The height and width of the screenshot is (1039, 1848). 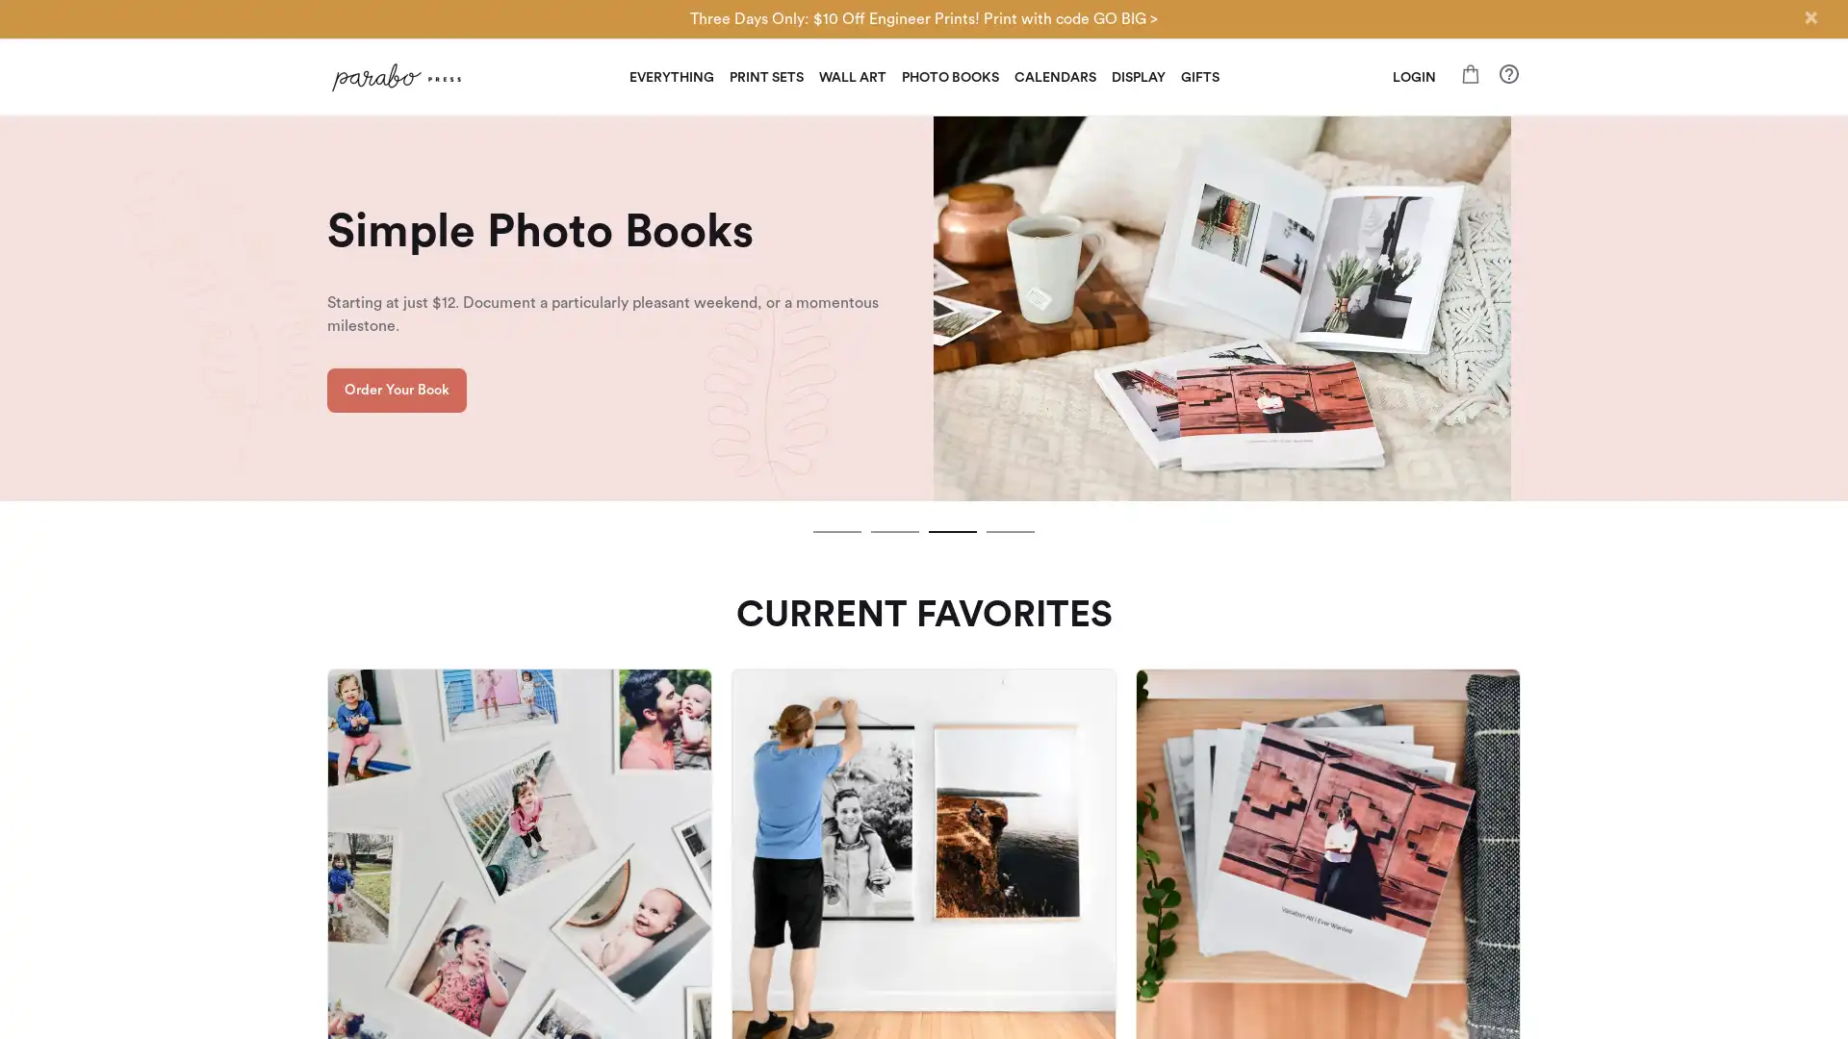 I want to click on slide dot, so click(x=952, y=531).